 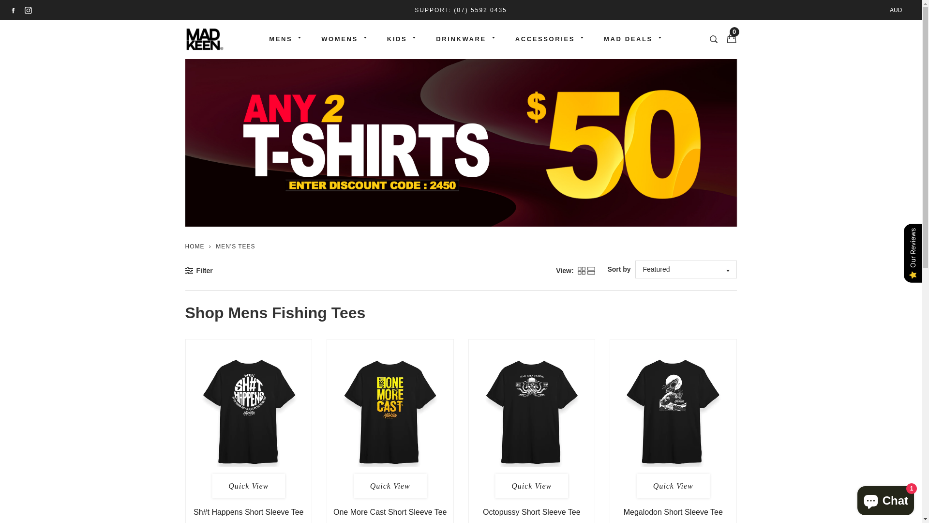 I want to click on 'MAD DEALS', so click(x=628, y=39).